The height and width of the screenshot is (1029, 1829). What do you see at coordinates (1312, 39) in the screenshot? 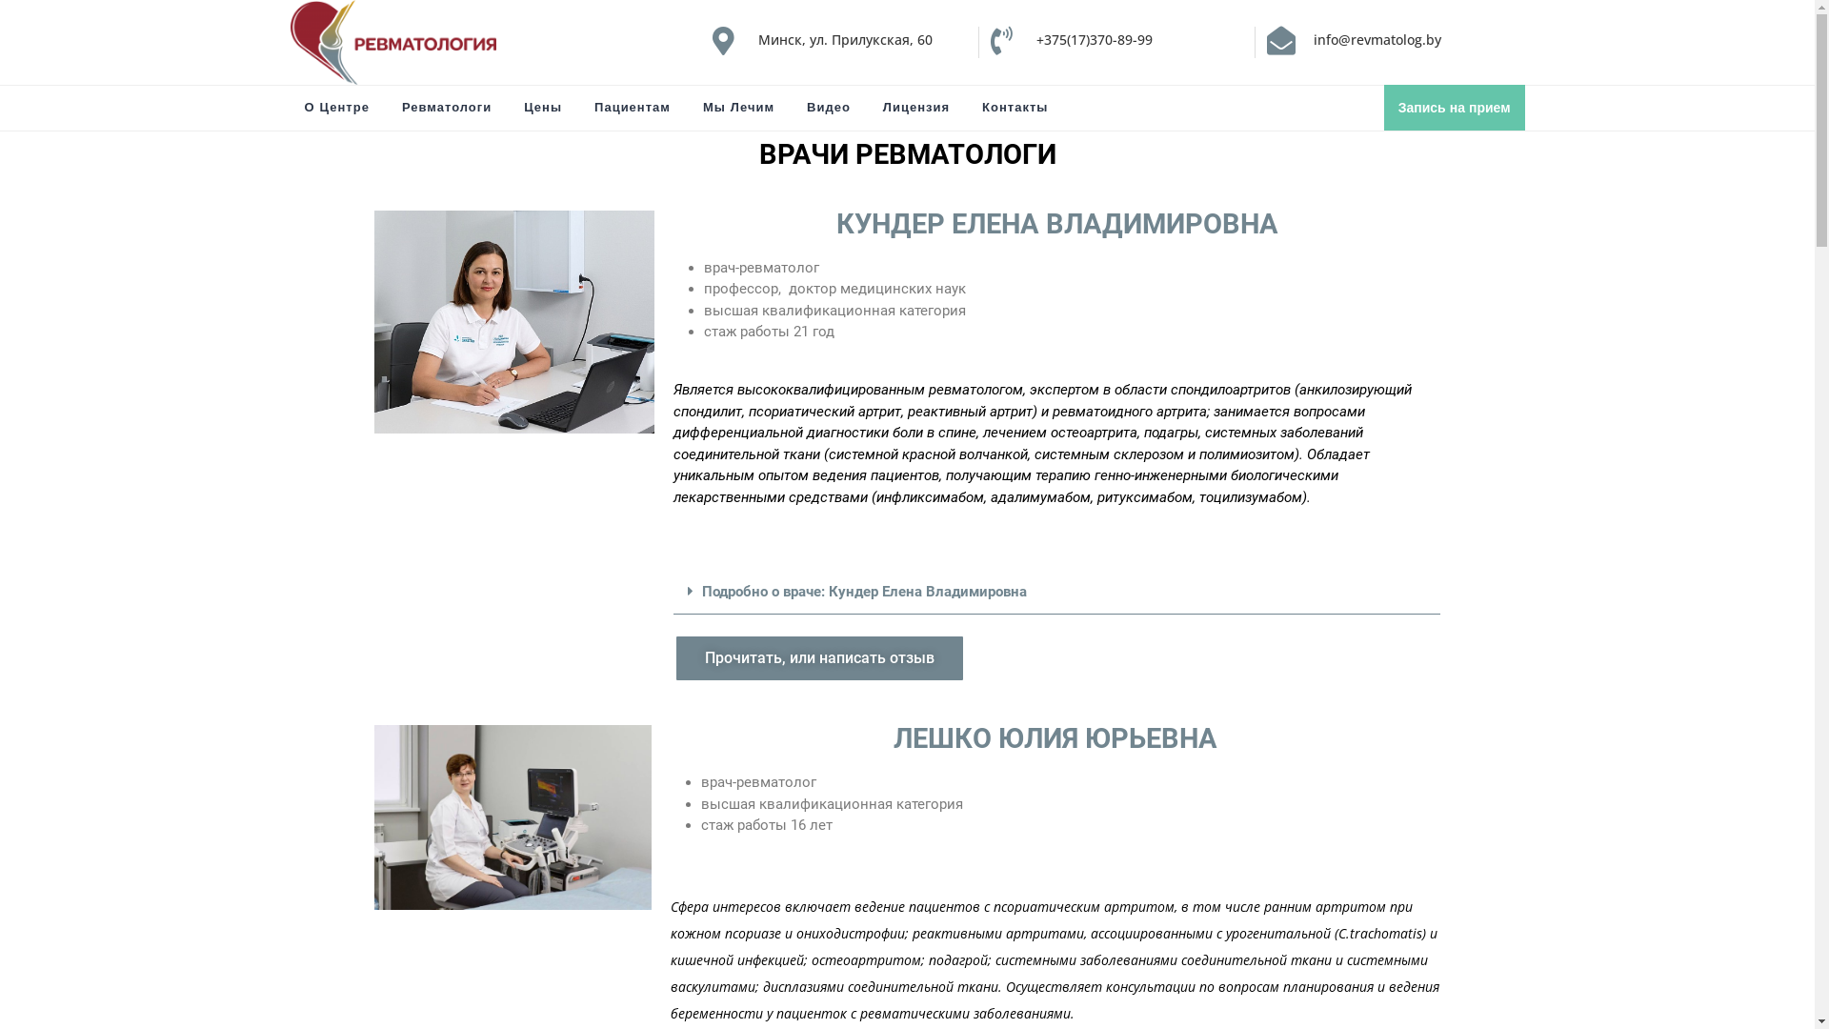
I see `'info@revmatolog.by'` at bounding box center [1312, 39].